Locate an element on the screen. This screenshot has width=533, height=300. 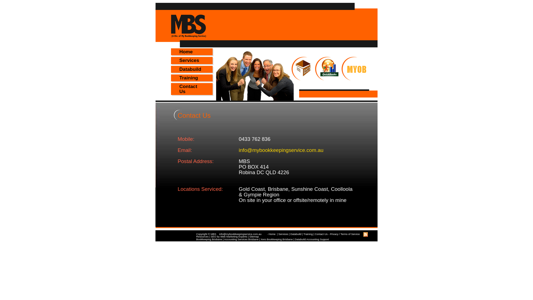
'XML Sitemap' is located at coordinates (365, 237).